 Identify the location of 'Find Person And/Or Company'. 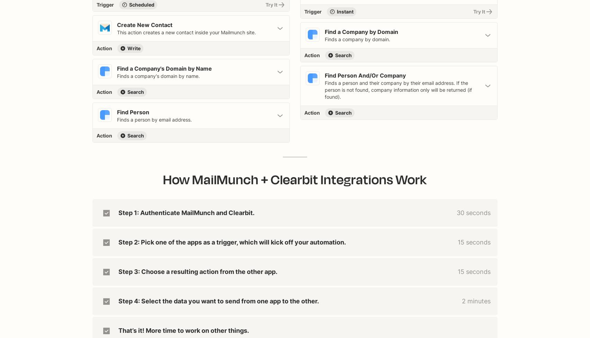
(325, 75).